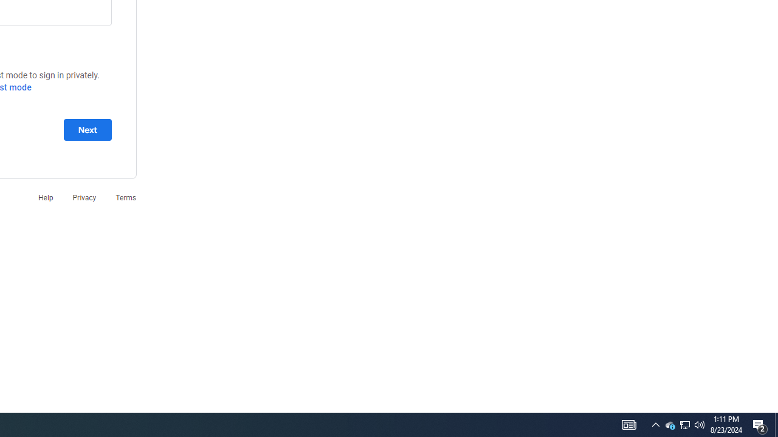 Image resolution: width=778 pixels, height=437 pixels. Describe the element at coordinates (87, 129) in the screenshot. I see `'Next'` at that location.